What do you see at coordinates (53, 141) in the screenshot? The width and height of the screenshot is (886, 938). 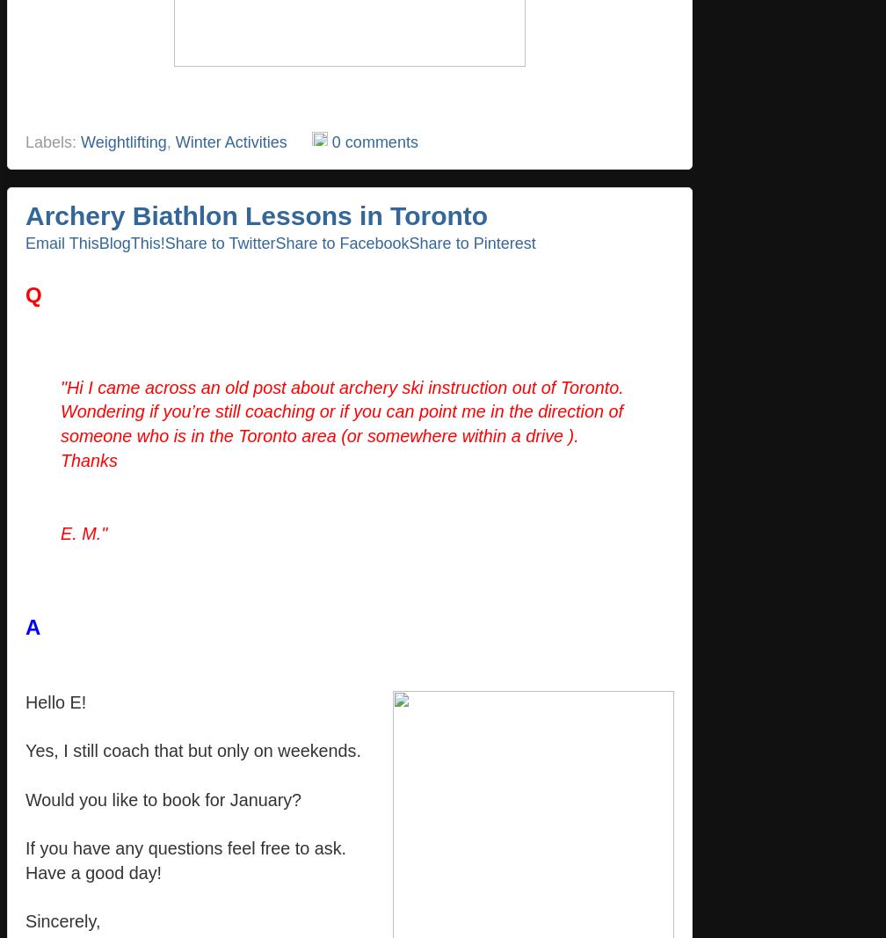 I see `'Labels:'` at bounding box center [53, 141].